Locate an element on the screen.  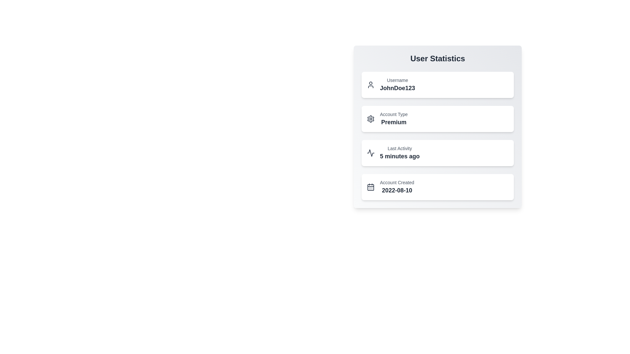
the 'Last Activity' text label that displays the timestamp information in a gray color, positioned in the third row of user account details is located at coordinates (399, 148).